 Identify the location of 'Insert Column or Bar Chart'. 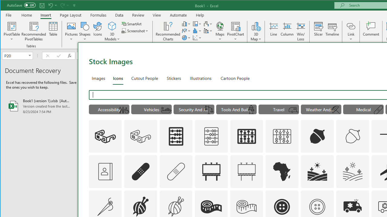
(186, 24).